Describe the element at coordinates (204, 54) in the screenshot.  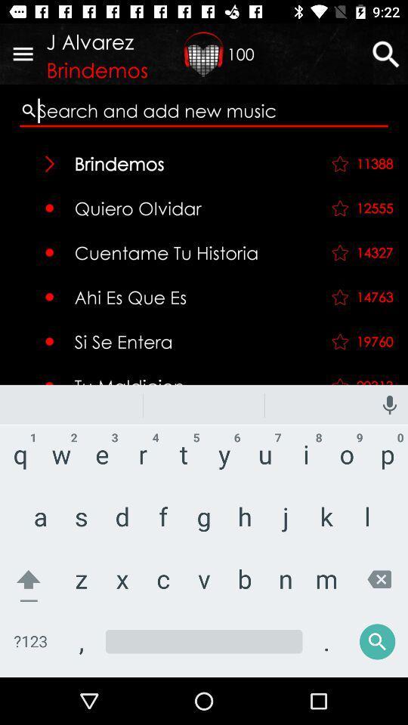
I see `the gift icon` at that location.